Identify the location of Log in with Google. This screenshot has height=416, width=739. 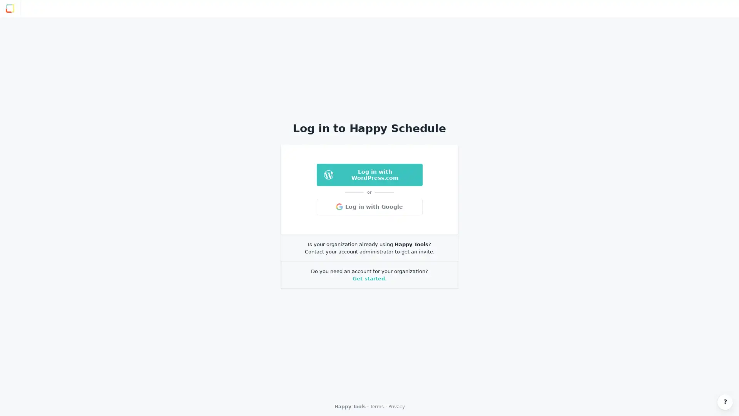
(369, 206).